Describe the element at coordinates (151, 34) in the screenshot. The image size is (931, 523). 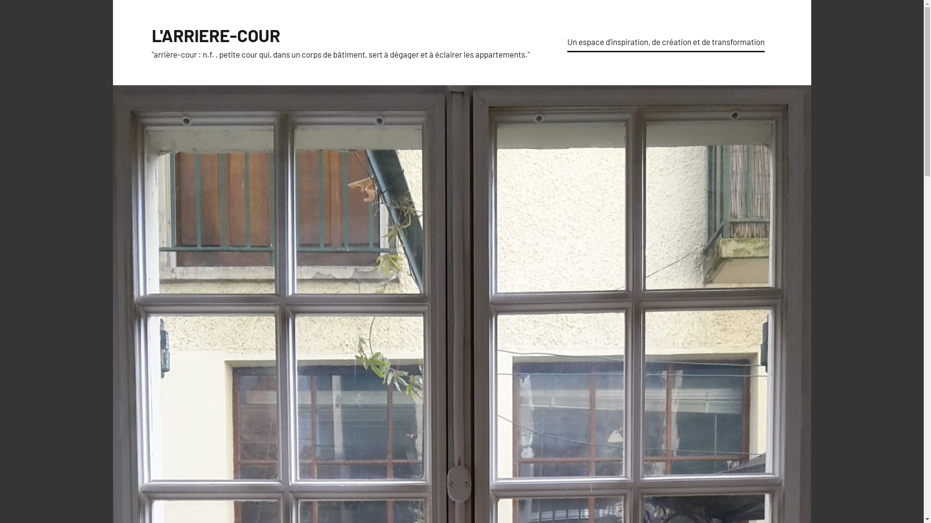
I see `'L'ARRIERE-COUR'` at that location.